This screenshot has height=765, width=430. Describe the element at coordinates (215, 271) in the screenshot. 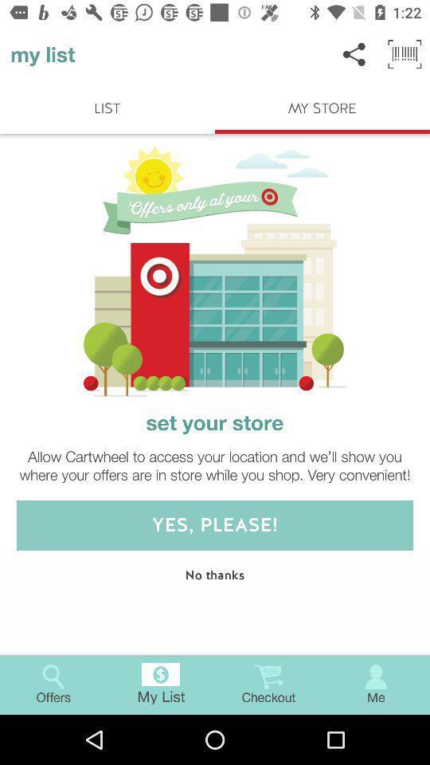

I see `image` at that location.